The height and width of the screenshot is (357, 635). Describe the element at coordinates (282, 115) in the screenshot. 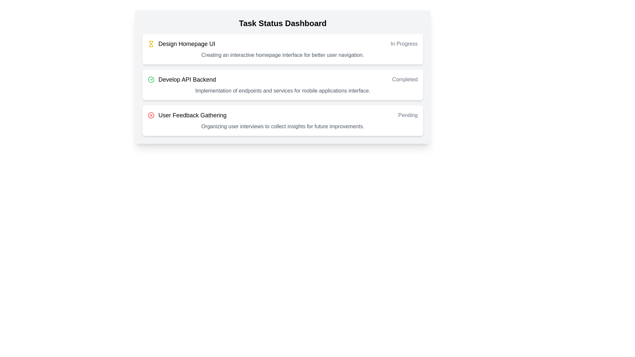

I see `the Task display panel showing 'User Feedback Gathering' with status 'Pending', which is the third item in the vertical list layout` at that location.